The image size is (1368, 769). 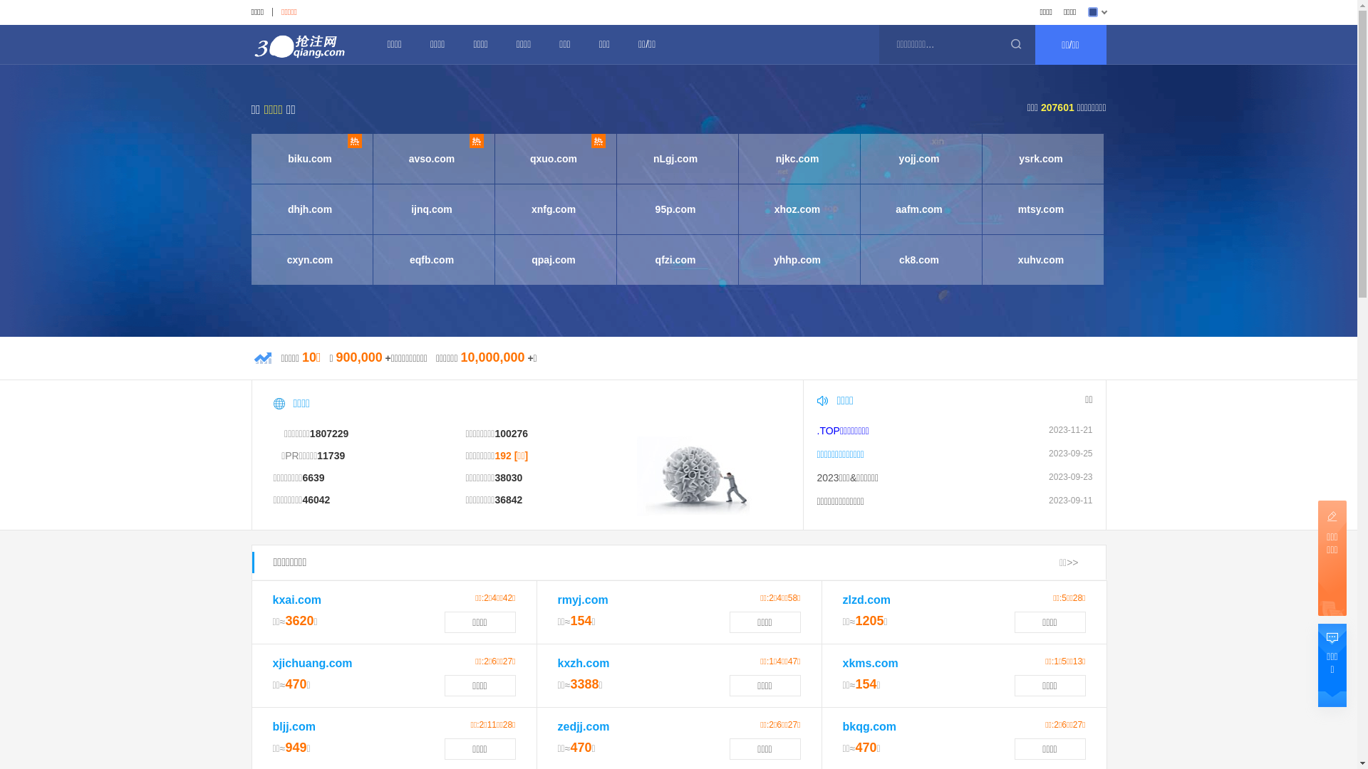 I want to click on 'ysrk.com', so click(x=988, y=159).